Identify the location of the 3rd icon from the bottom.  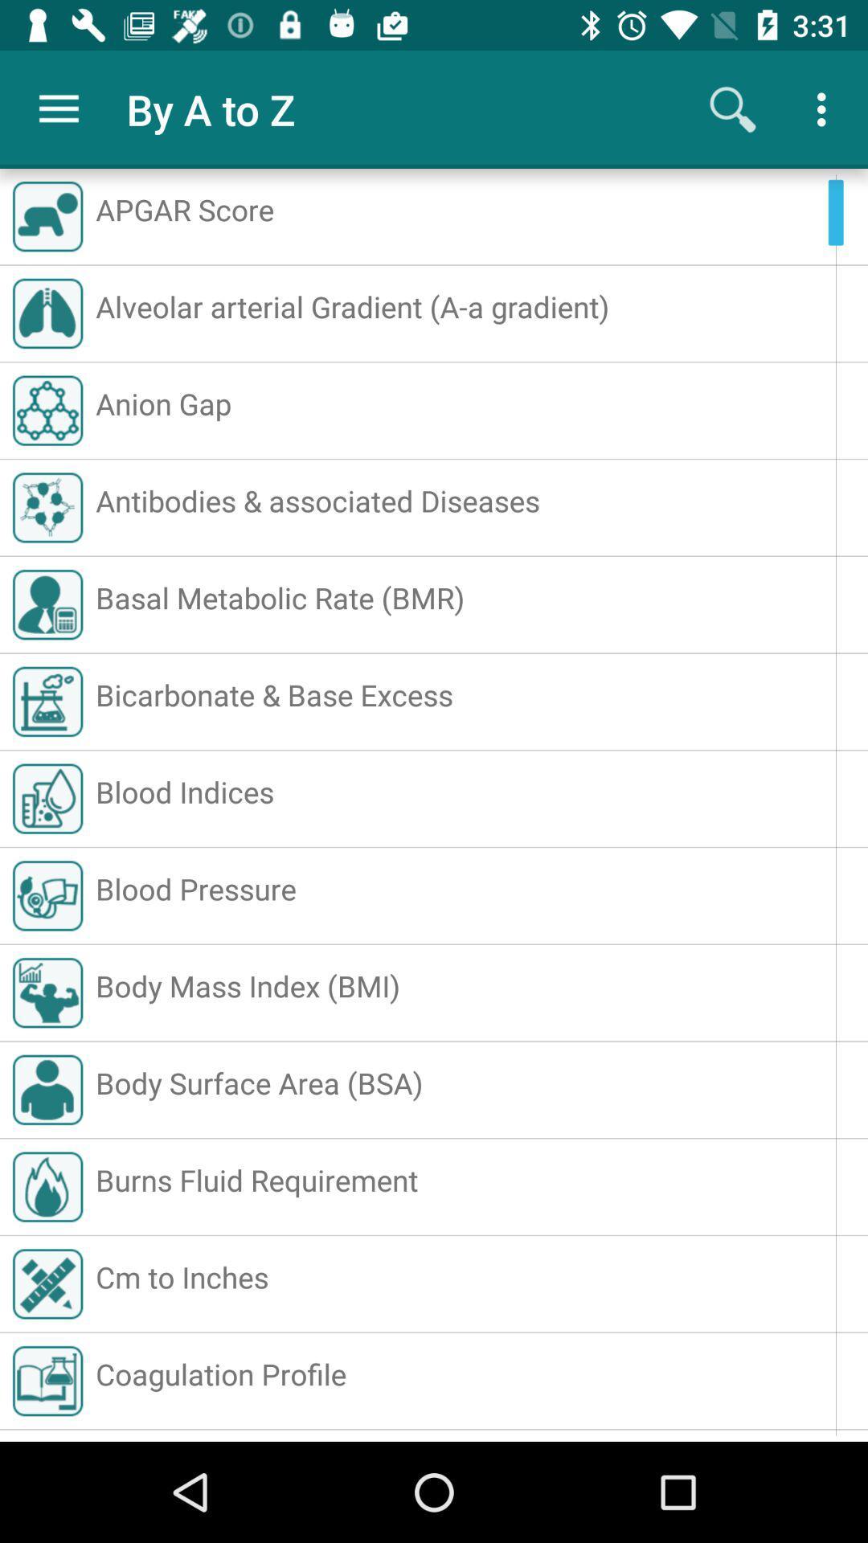
(47, 1187).